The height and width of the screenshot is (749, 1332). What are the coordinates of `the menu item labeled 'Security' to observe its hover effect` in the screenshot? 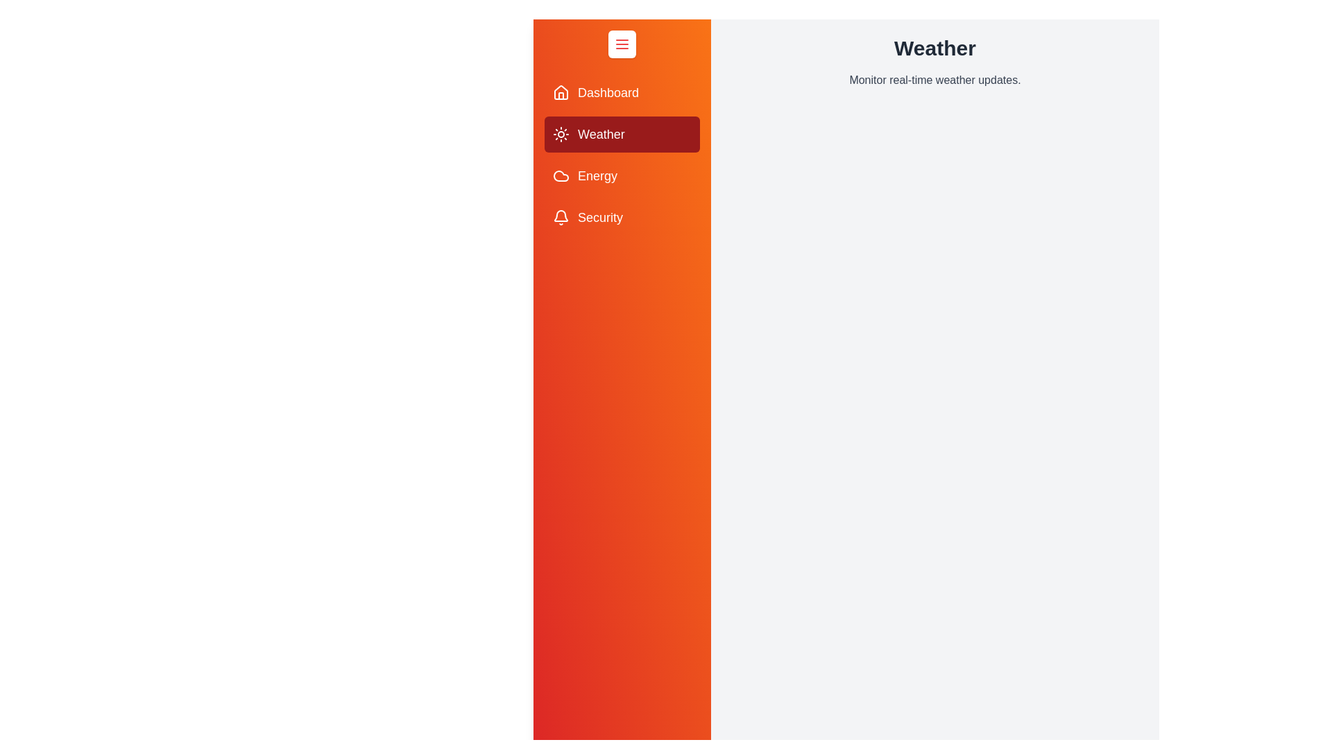 It's located at (622, 217).